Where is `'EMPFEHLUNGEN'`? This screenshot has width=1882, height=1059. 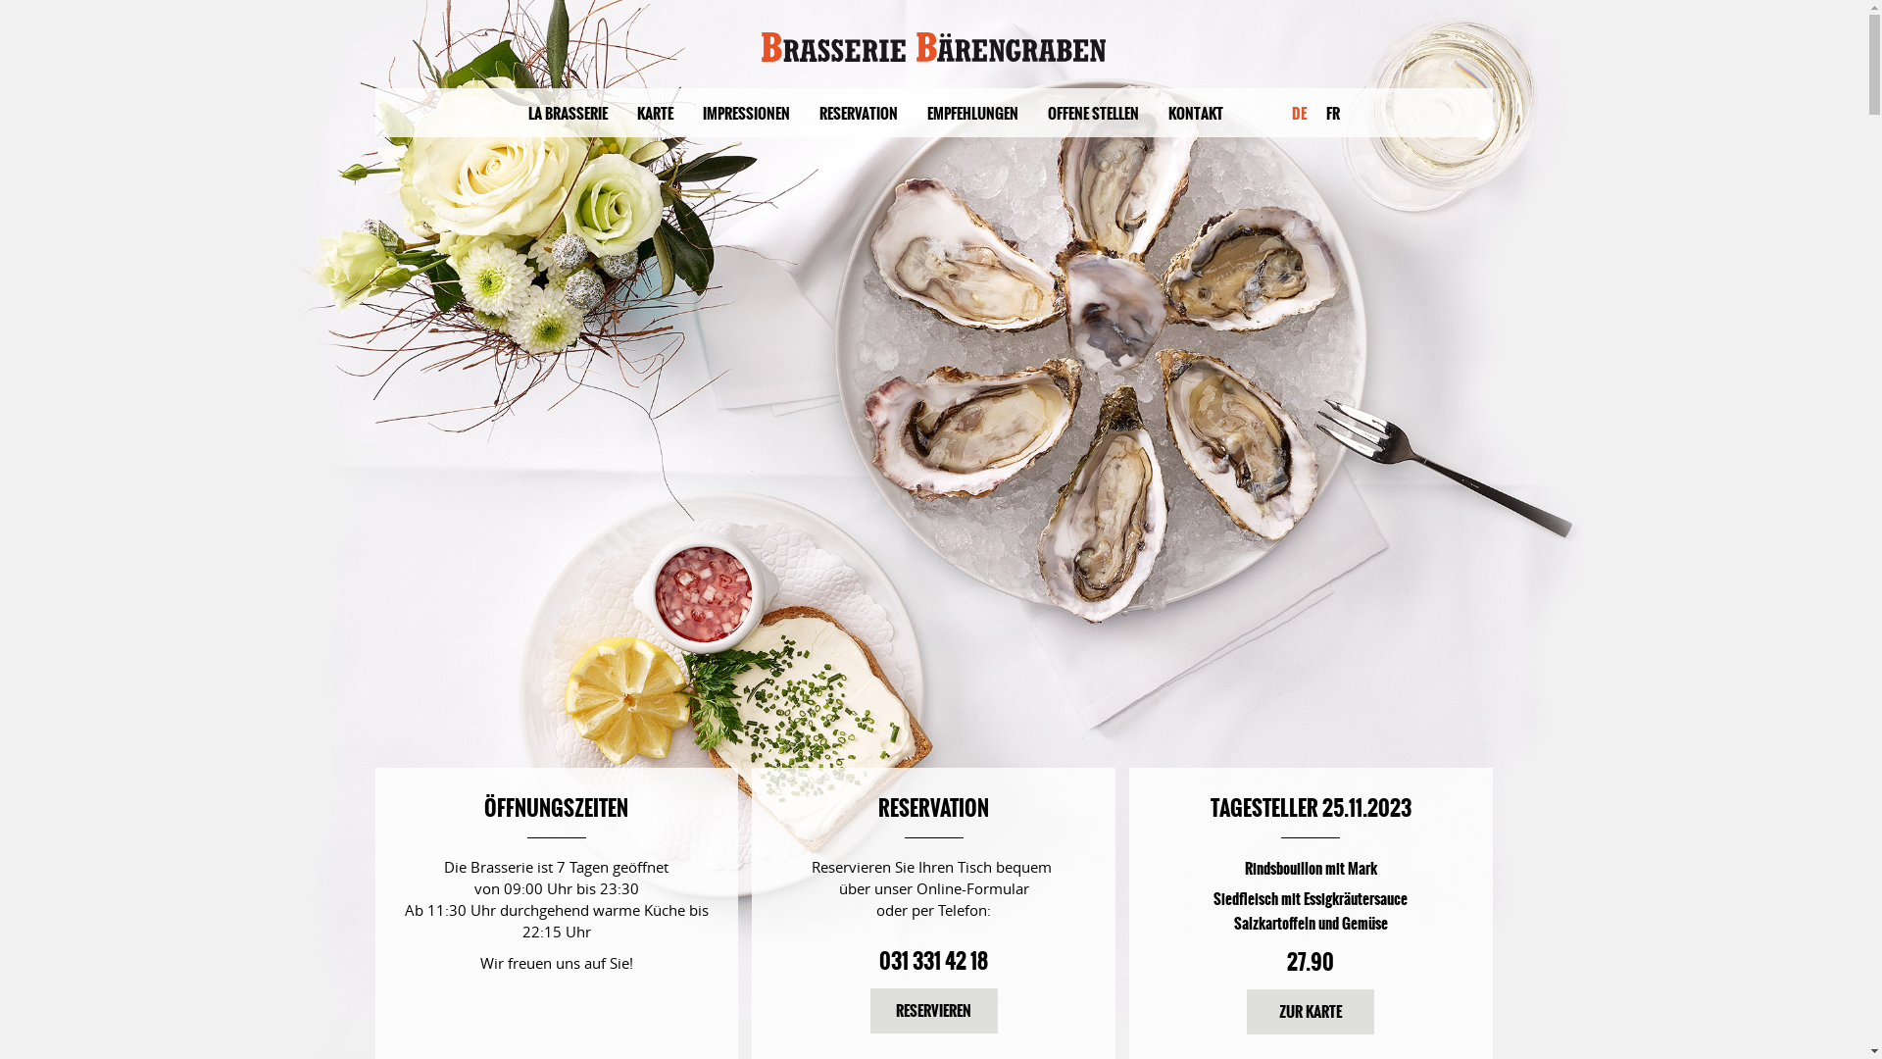 'EMPFEHLUNGEN' is located at coordinates (971, 113).